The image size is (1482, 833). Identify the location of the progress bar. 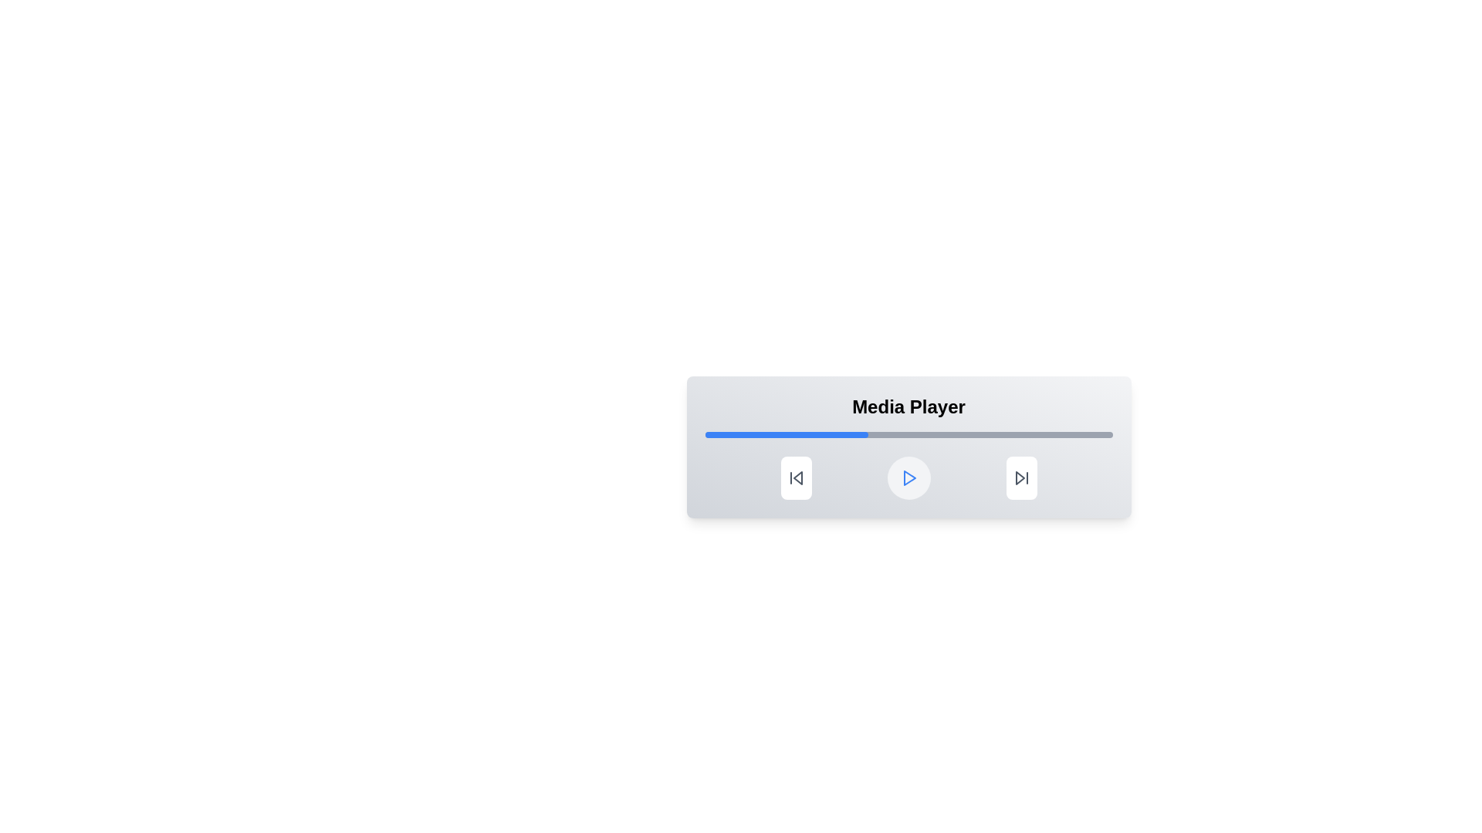
(843, 434).